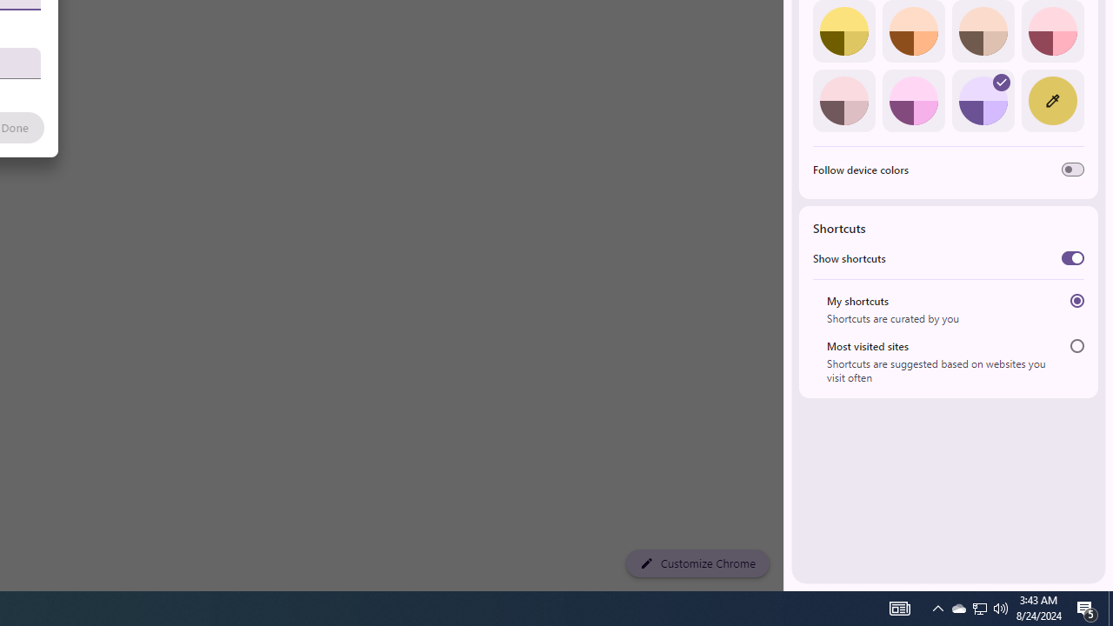  I want to click on 'Orange', so click(912, 31).